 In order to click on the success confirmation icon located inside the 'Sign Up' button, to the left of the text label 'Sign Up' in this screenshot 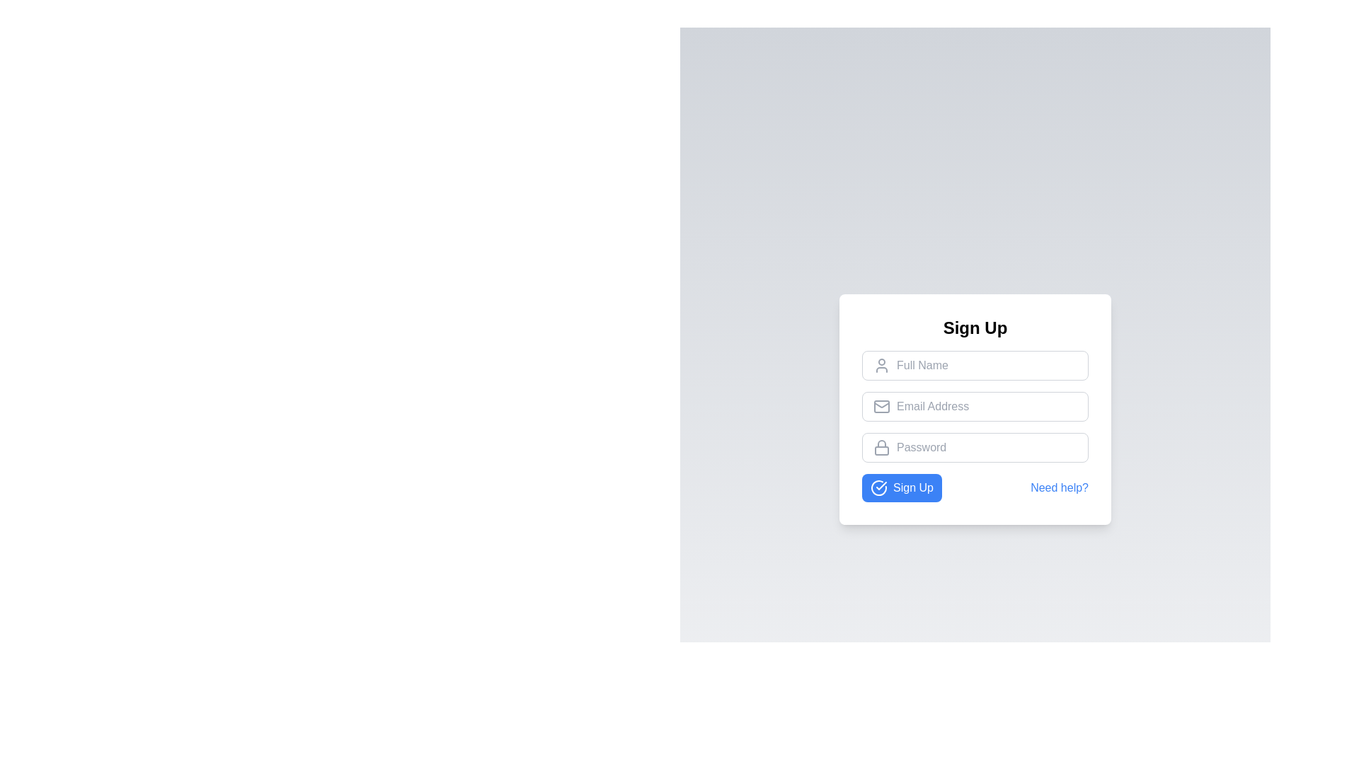, I will do `click(878, 487)`.